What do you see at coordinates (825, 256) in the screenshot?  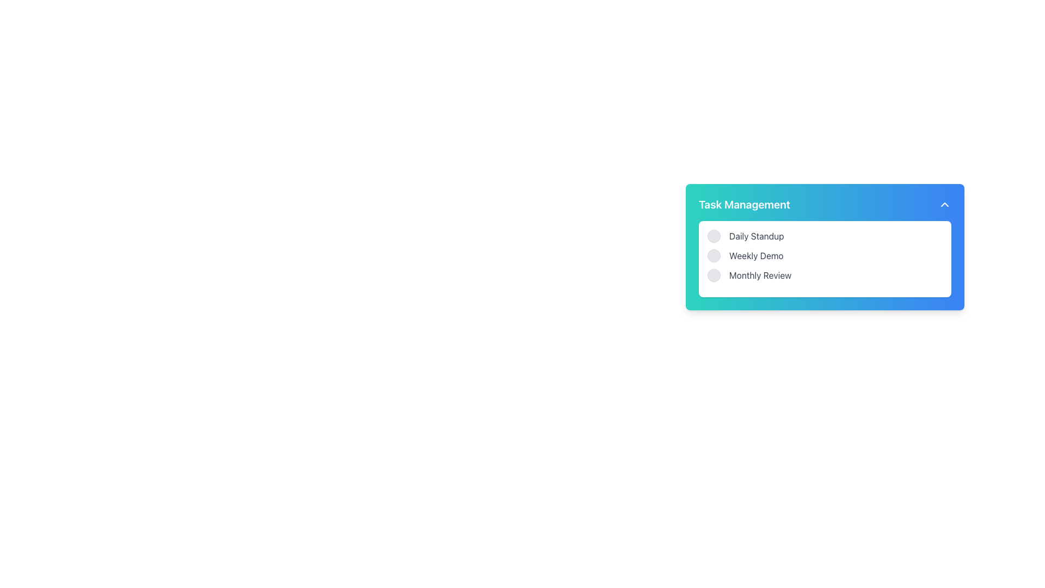 I see `the circular checkbox in the row labeled 'Weekly Demo'` at bounding box center [825, 256].